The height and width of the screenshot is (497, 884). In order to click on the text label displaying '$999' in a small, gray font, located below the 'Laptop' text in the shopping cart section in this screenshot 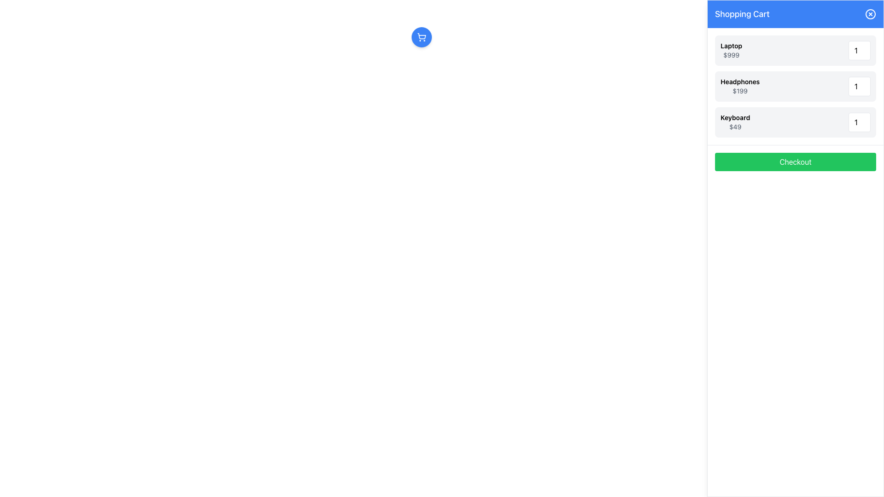, I will do `click(731, 55)`.